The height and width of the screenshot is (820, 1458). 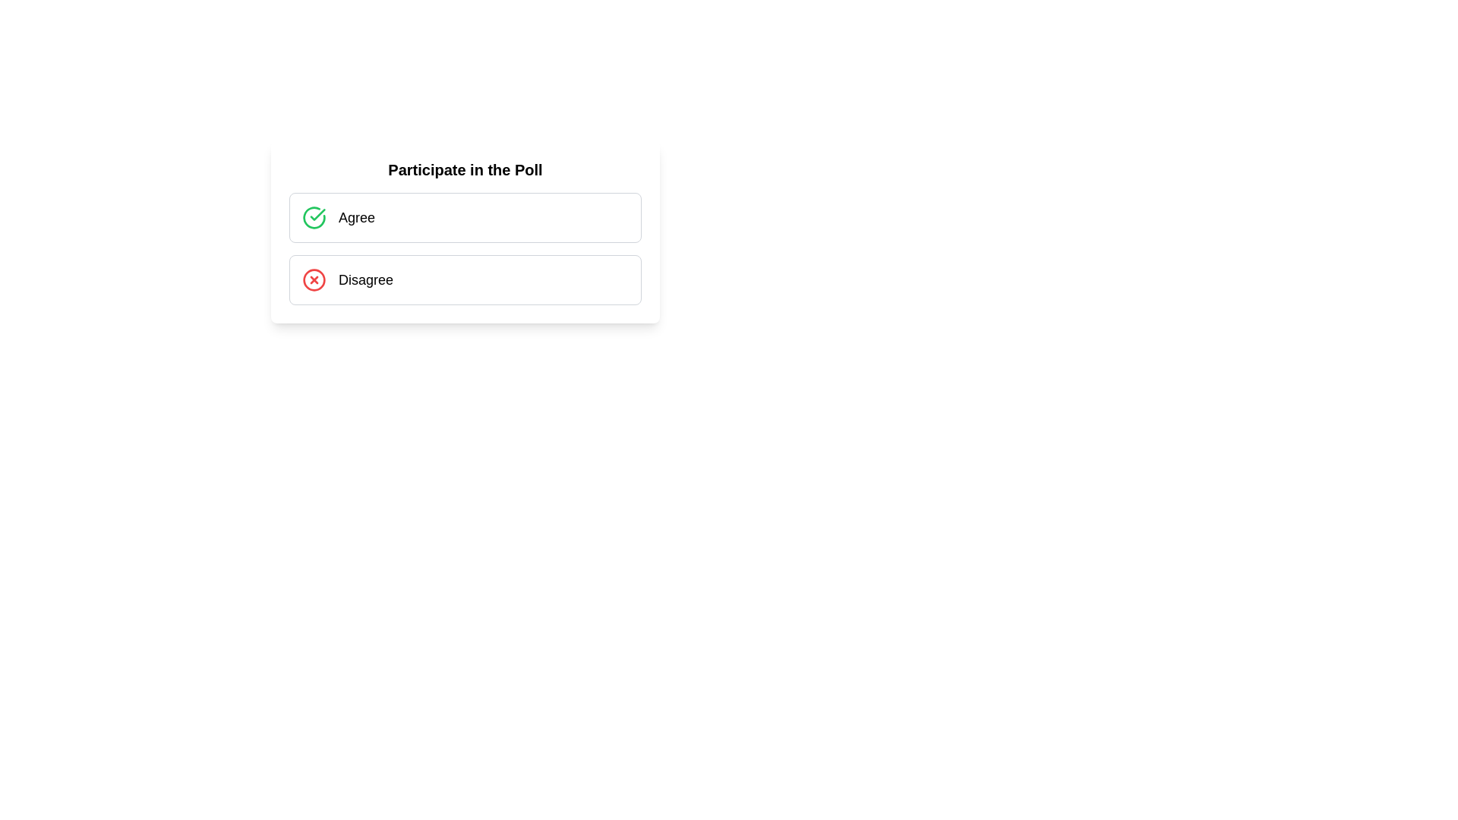 I want to click on the 'Disagree' icon in the poll options, which is located to the left of the label 'Disagree', so click(x=313, y=280).